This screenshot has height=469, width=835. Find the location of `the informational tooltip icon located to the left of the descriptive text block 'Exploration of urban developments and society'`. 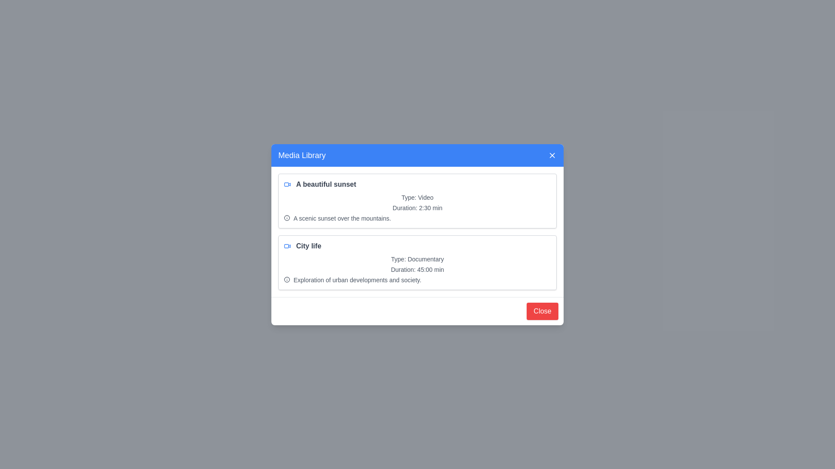

the informational tooltip icon located to the left of the descriptive text block 'Exploration of urban developments and society' is located at coordinates (287, 279).